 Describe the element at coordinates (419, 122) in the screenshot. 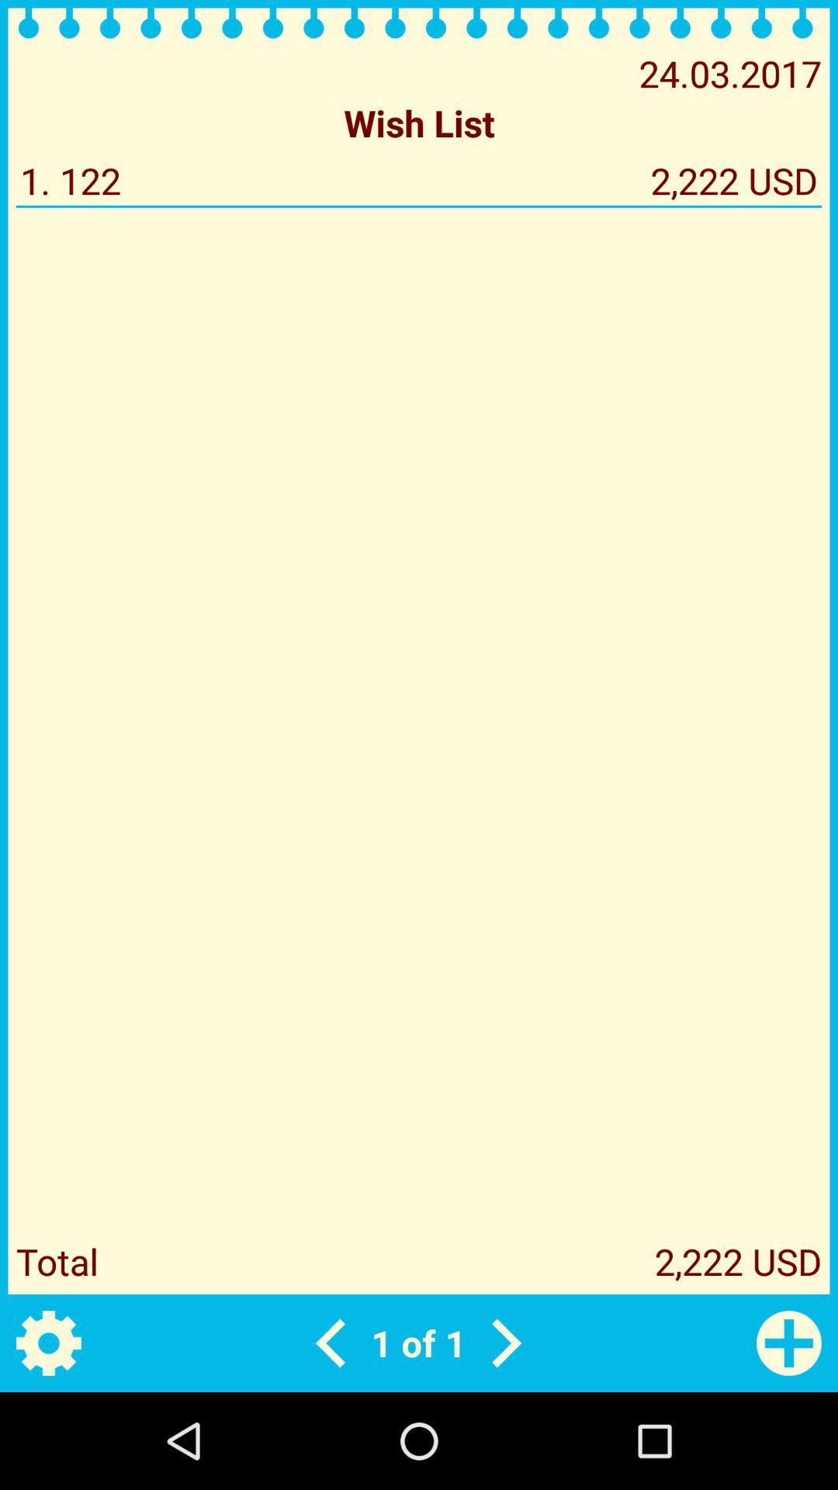

I see `the icon below 24.03.2017 app` at that location.